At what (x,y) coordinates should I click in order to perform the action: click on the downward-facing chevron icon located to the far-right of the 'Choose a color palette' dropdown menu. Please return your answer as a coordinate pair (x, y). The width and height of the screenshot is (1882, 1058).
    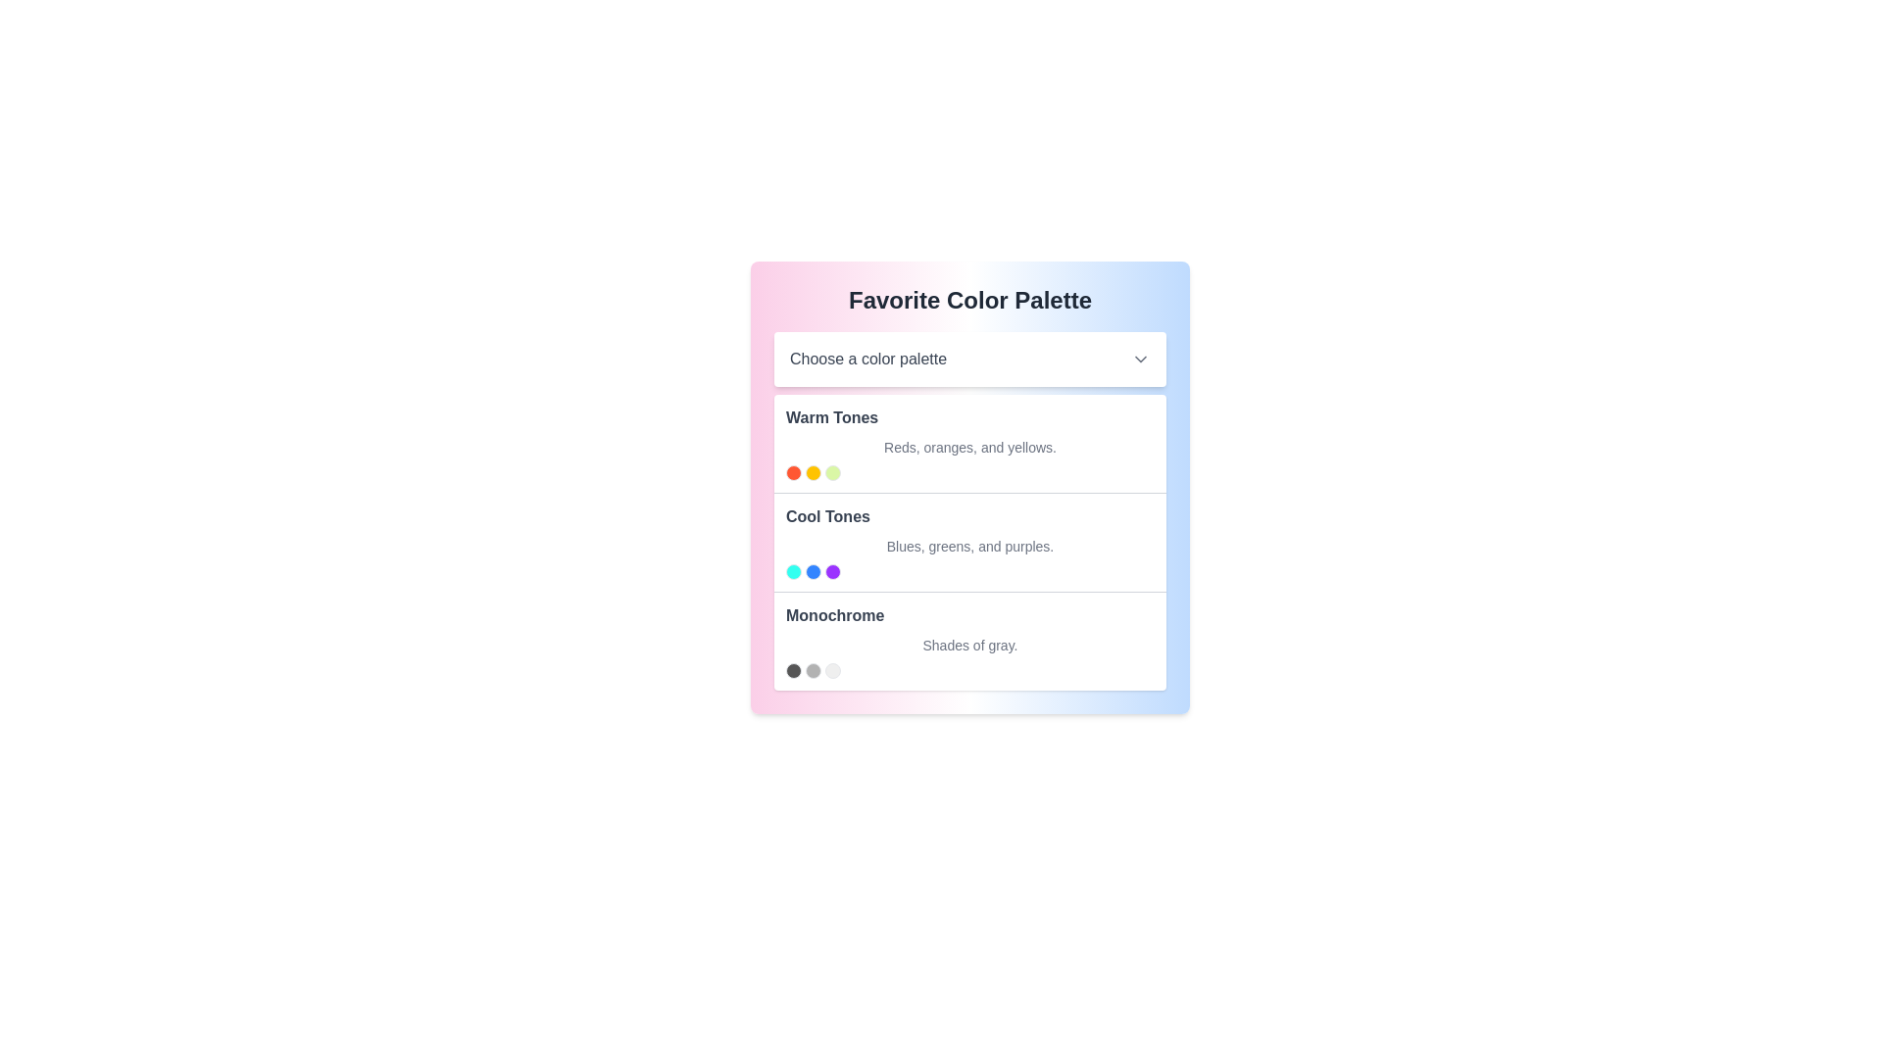
    Looking at the image, I should click on (1140, 359).